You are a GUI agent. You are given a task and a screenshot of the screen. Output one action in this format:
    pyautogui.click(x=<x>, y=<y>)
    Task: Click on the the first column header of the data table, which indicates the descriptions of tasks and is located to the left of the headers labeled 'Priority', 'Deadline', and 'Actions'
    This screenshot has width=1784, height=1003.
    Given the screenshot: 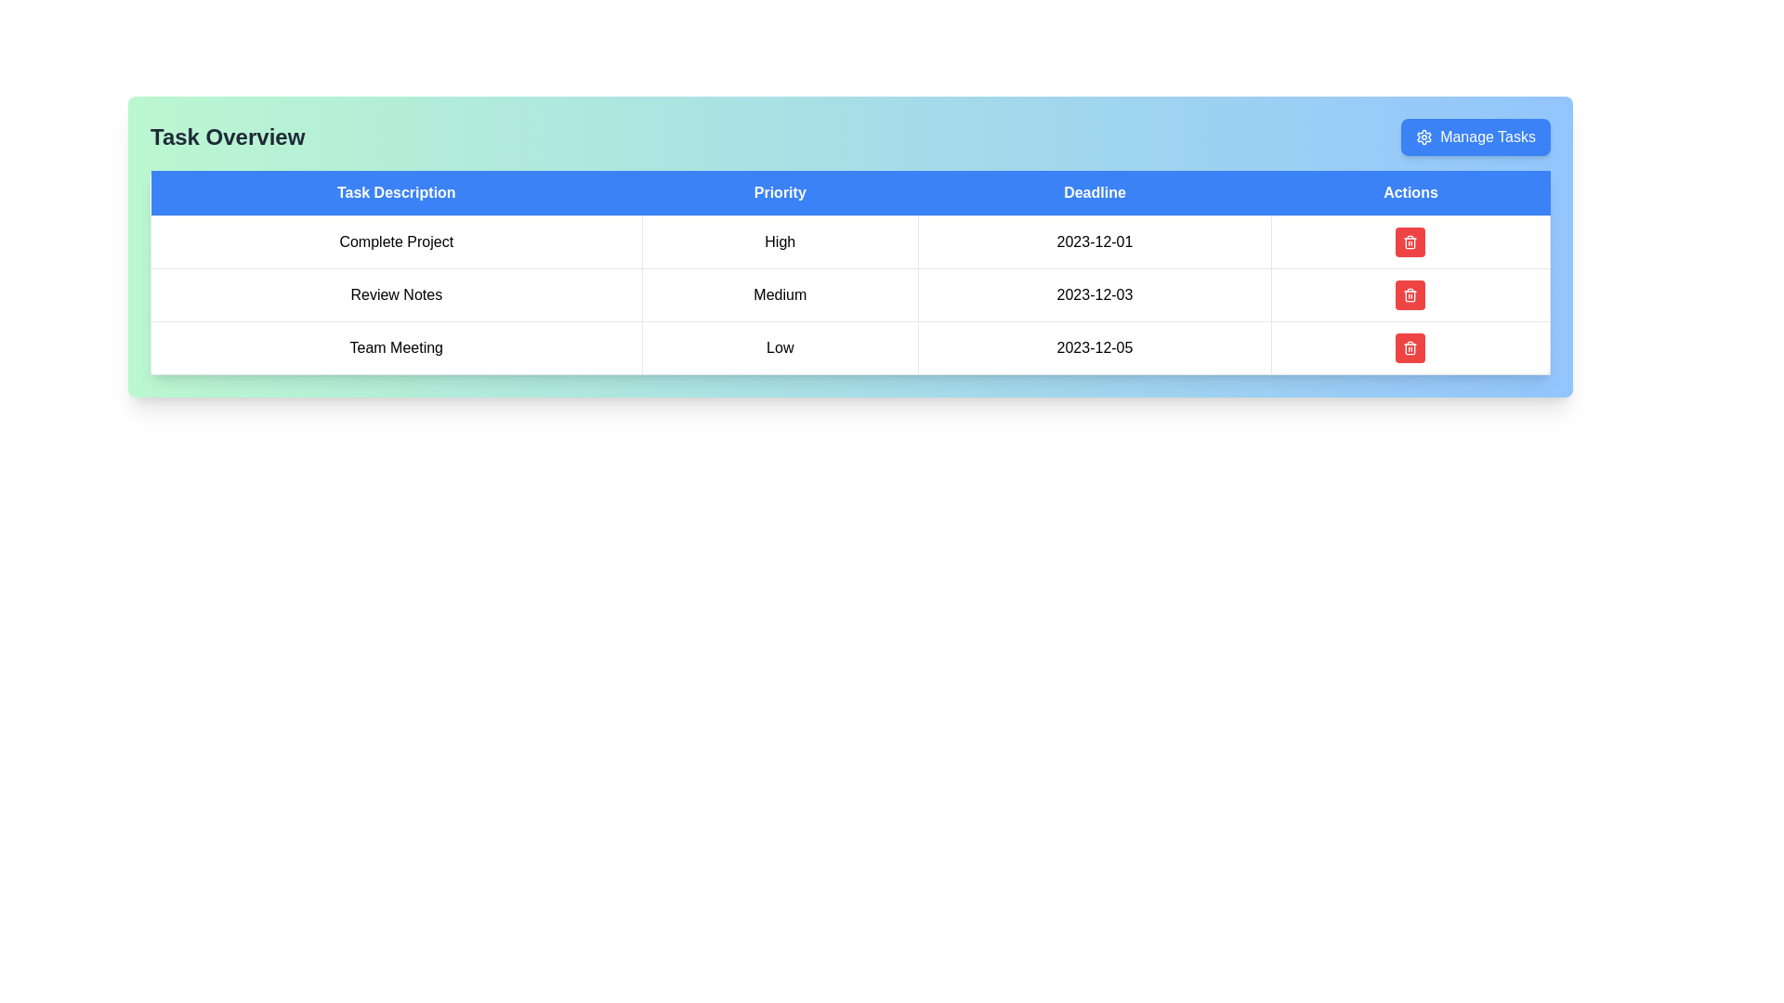 What is the action you would take?
    pyautogui.click(x=395, y=193)
    